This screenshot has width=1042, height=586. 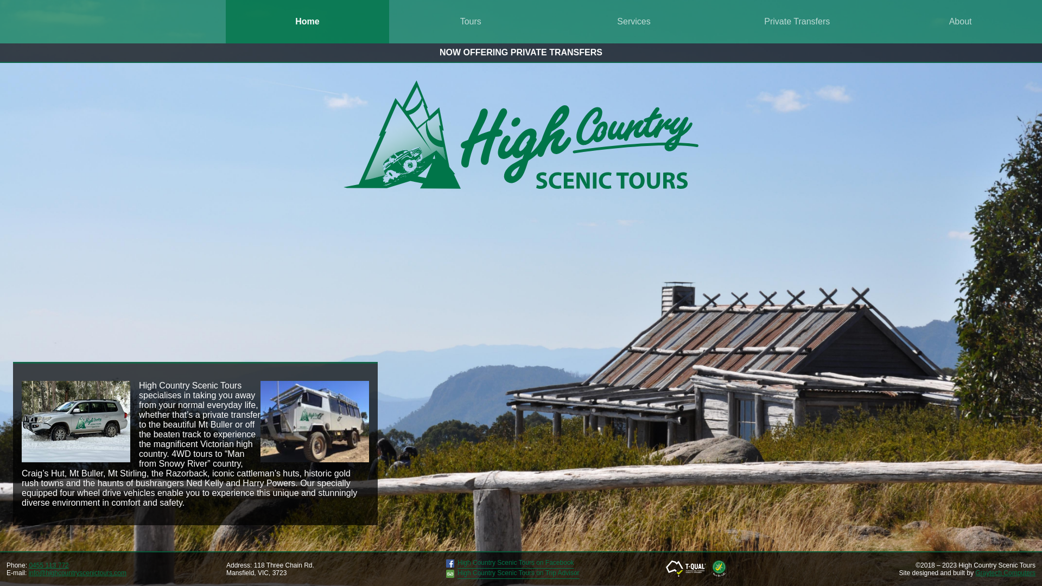 I want to click on 'NOW OFFERING PRIVATE TRANSFERS', so click(x=440, y=52).